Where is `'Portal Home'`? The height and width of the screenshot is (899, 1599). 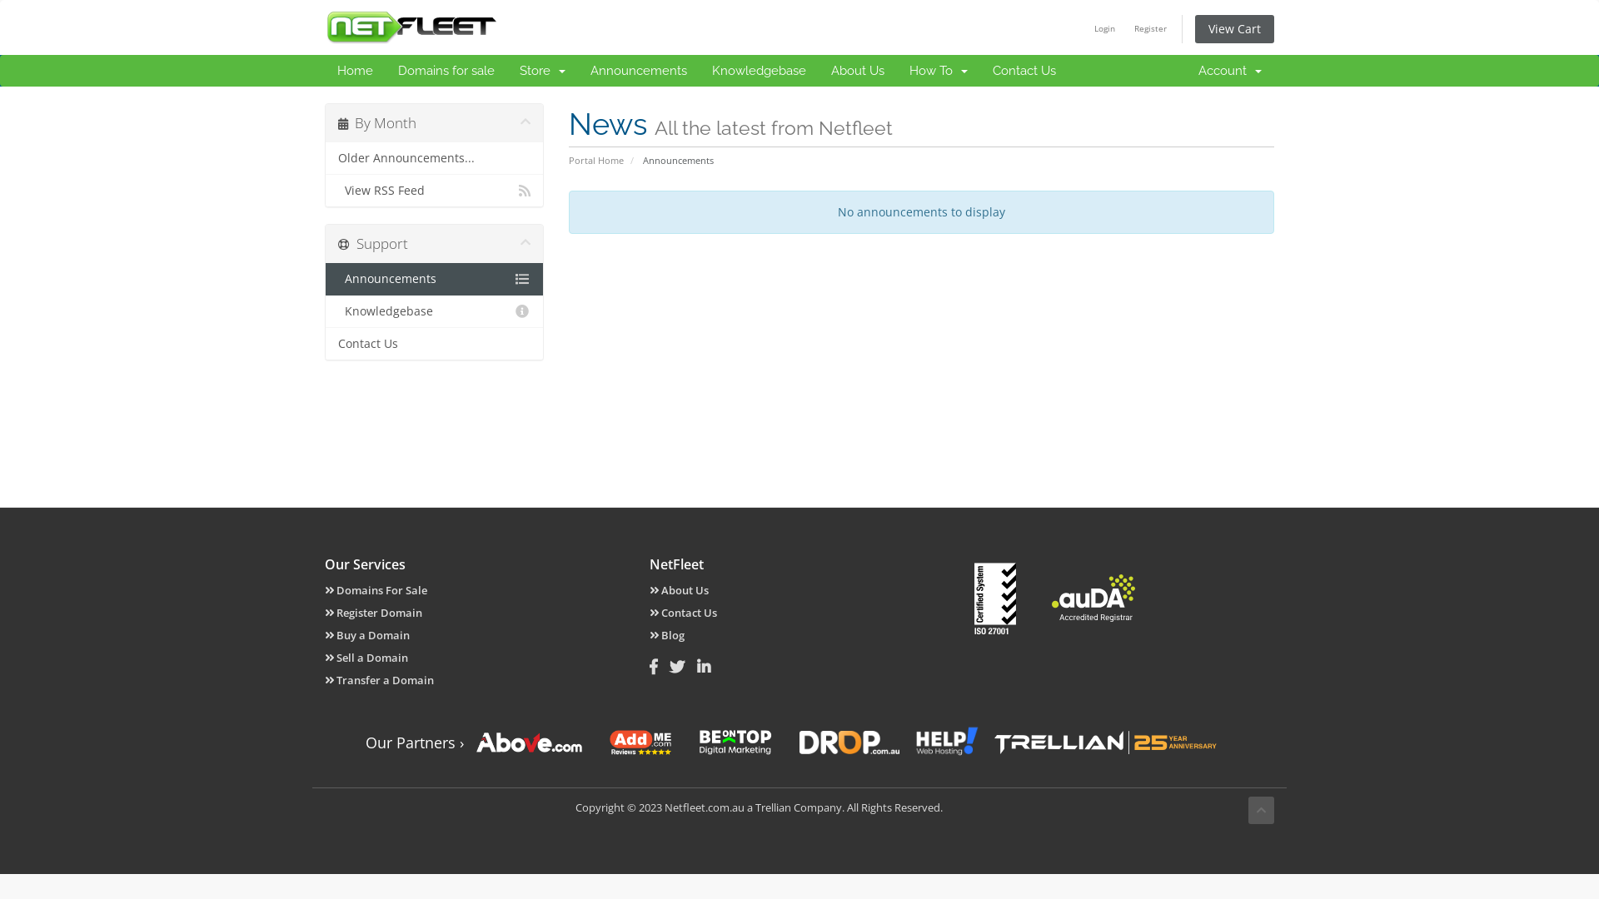 'Portal Home' is located at coordinates (595, 160).